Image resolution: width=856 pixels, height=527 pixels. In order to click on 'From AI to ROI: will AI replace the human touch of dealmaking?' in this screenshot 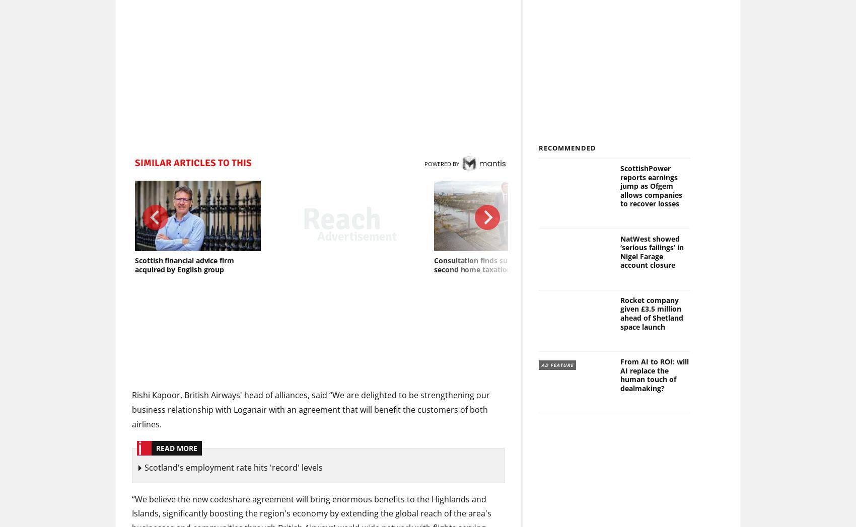, I will do `click(654, 375)`.